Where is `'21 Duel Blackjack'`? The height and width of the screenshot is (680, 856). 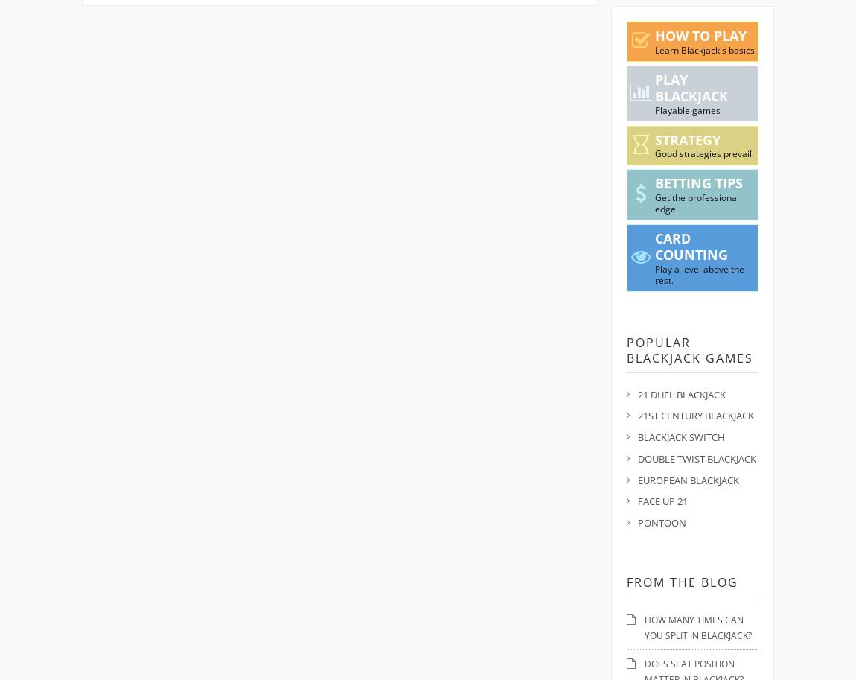
'21 Duel Blackjack' is located at coordinates (681, 393).